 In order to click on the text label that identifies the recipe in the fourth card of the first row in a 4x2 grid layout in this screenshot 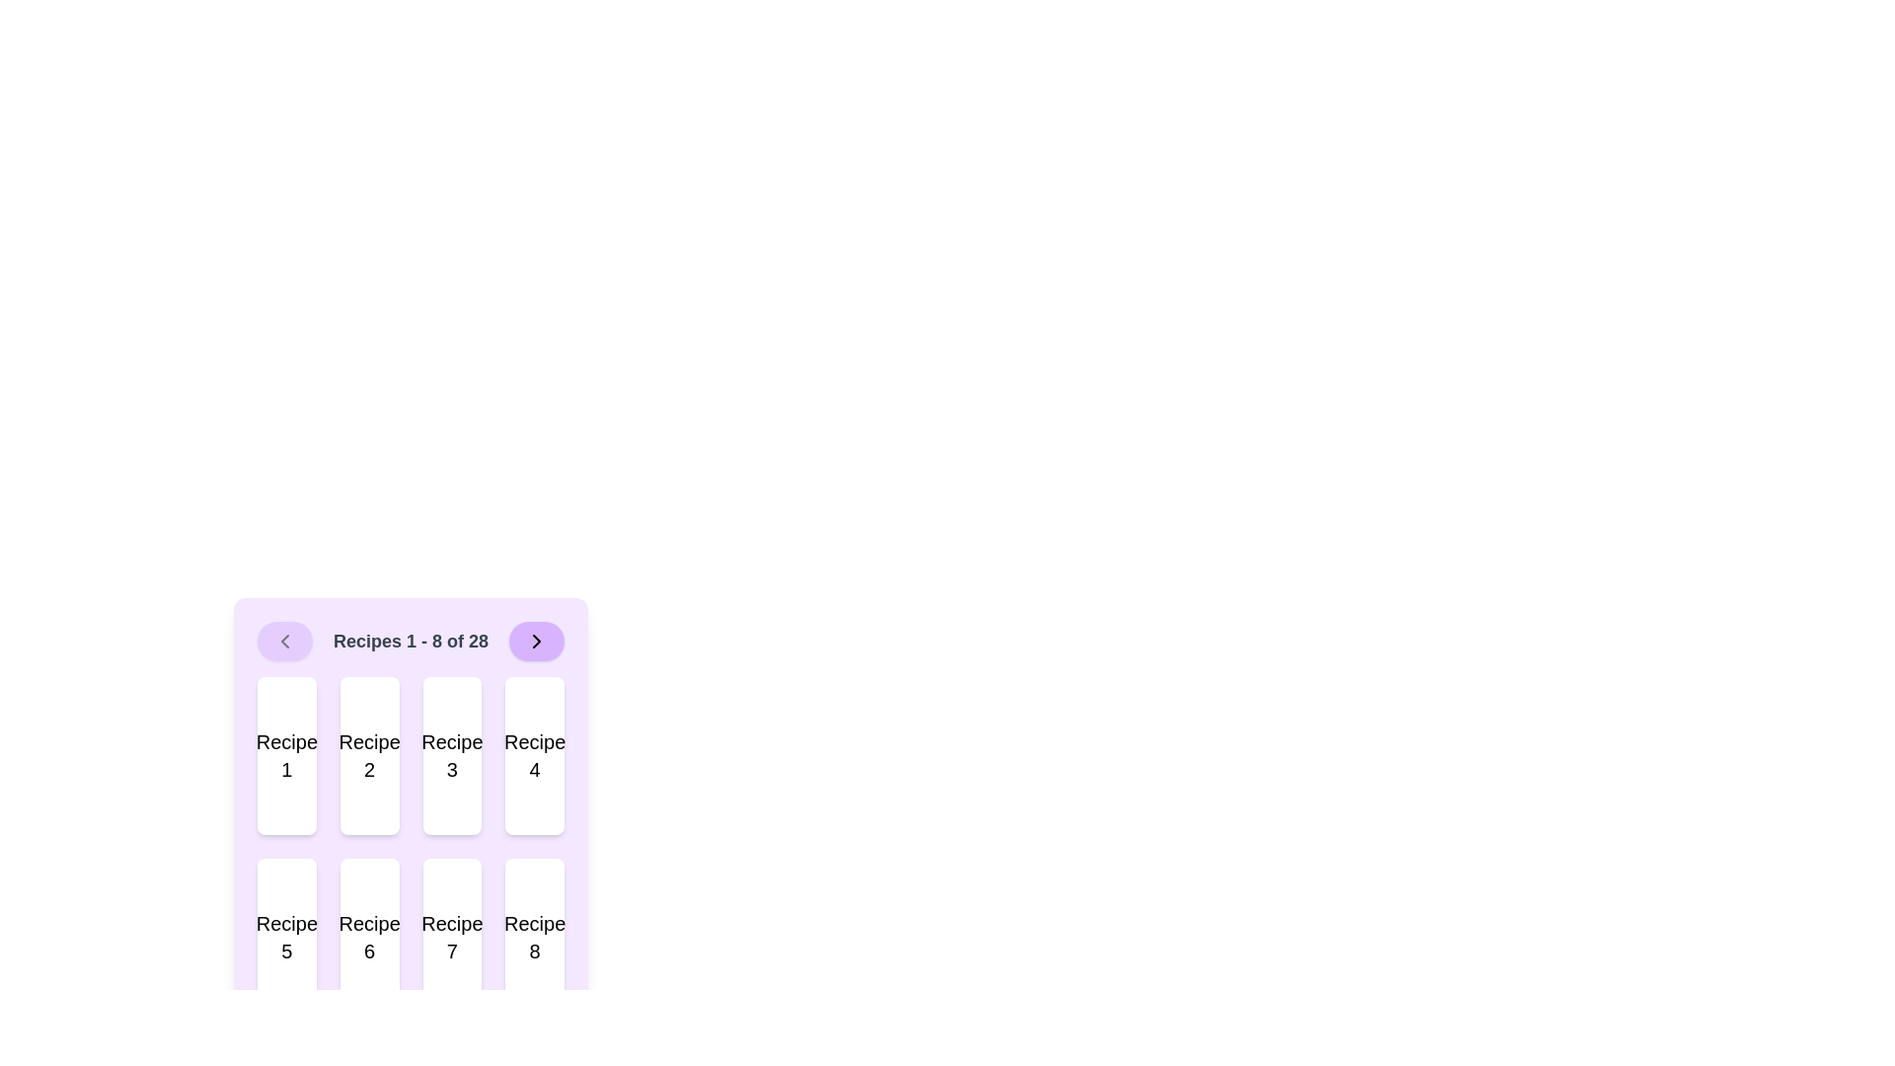, I will do `click(535, 755)`.